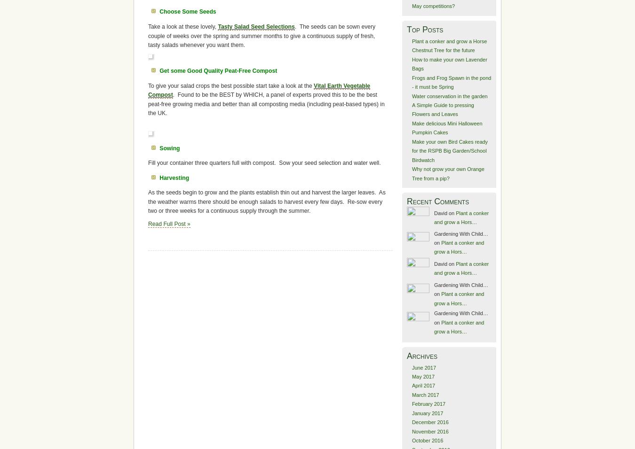 Image resolution: width=635 pixels, height=449 pixels. I want to click on 'As the seeds begin to grow and the plants establish thin out and harvest the larger leaves.  As the weather warms there should be enough salads to harvest every few days.  Re-sow every two or three weeks for a continuous supply through the summer.', so click(267, 201).